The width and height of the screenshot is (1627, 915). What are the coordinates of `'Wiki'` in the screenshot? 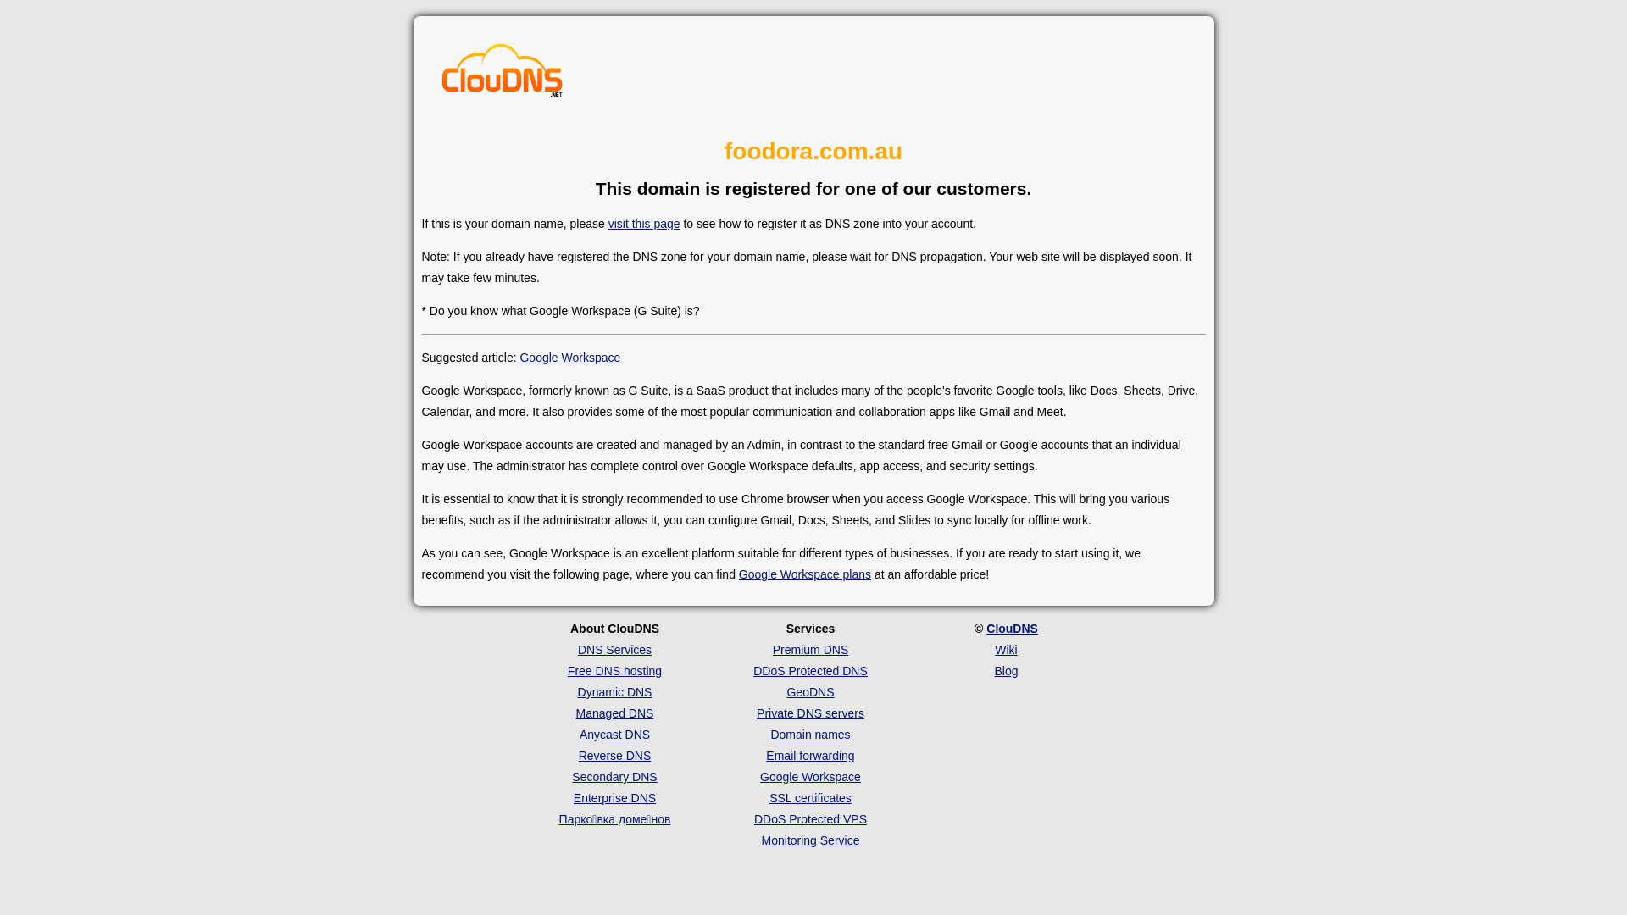 It's located at (1005, 649).